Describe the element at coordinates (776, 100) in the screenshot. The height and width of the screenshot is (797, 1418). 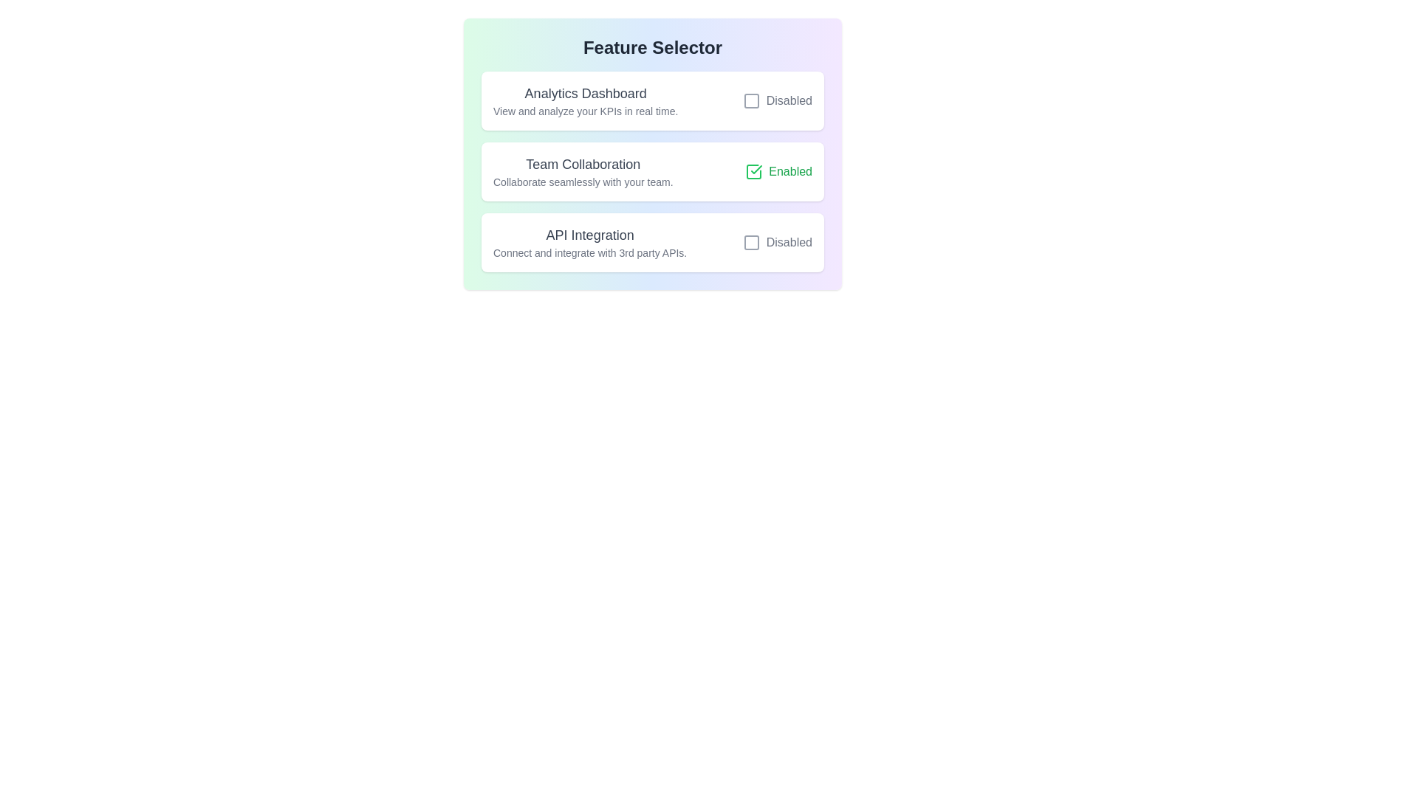
I see `the feature Analytics Dashboard by clicking its corresponding button` at that location.